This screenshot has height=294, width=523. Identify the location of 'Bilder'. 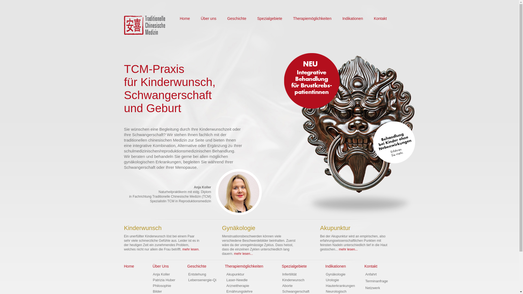
(153, 291).